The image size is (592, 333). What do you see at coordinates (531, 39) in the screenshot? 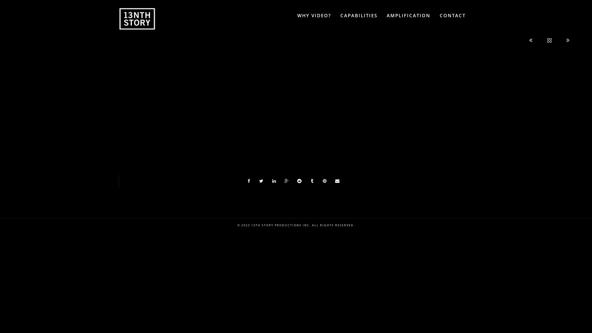
I see `'Previous'` at bounding box center [531, 39].